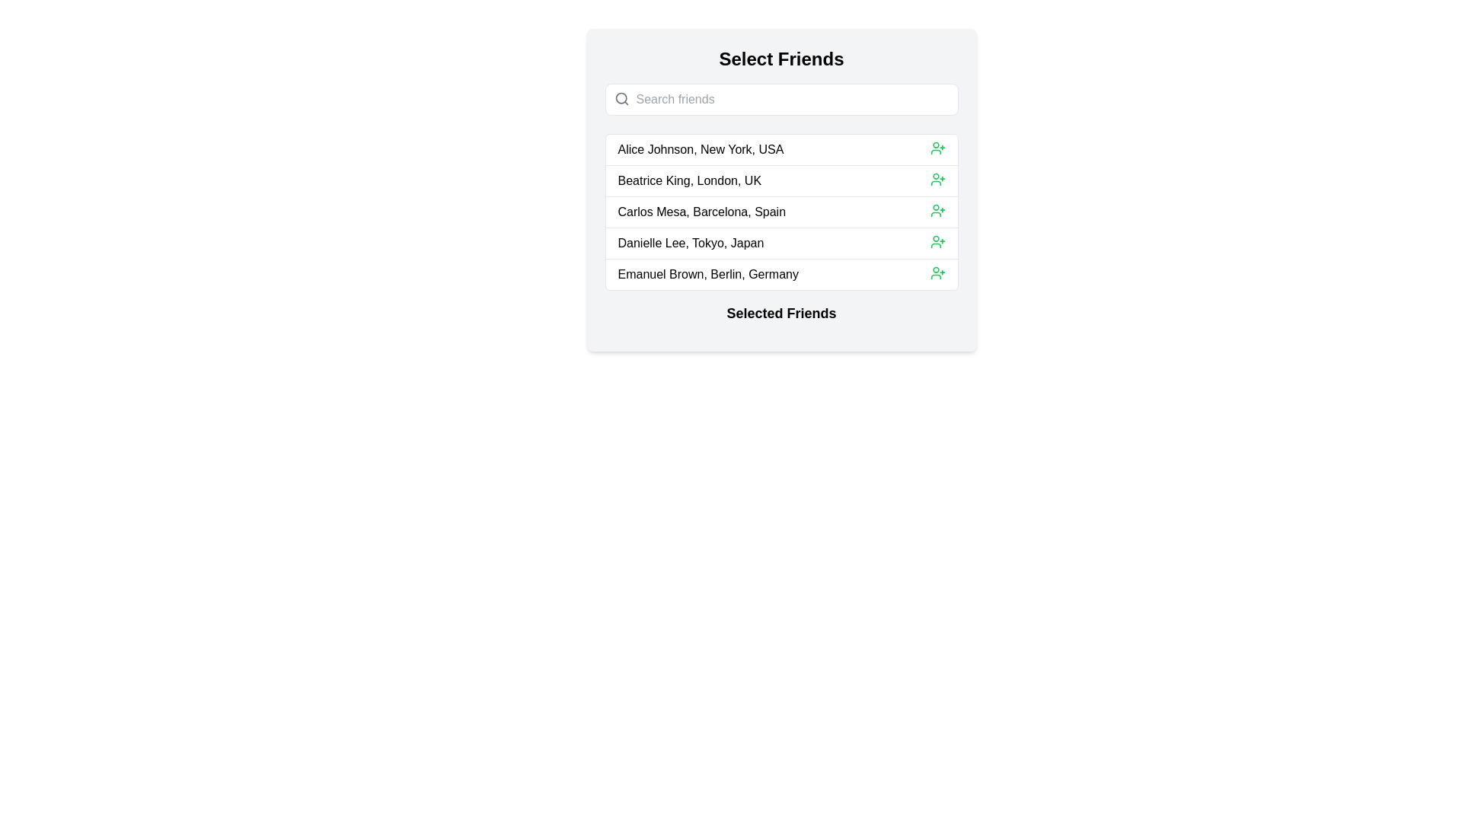 This screenshot has height=822, width=1462. What do you see at coordinates (781, 274) in the screenshot?
I see `the fifth list item that contains the text 'Emanuel Brown, Berlin, Germany'` at bounding box center [781, 274].